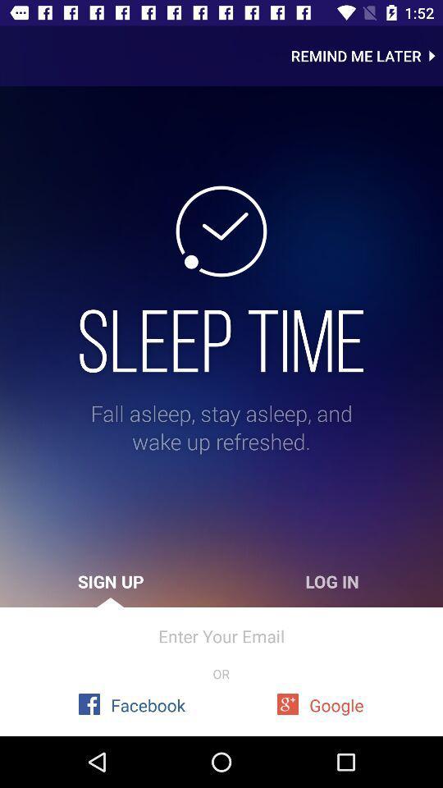  Describe the element at coordinates (367, 56) in the screenshot. I see `remind me later icon` at that location.